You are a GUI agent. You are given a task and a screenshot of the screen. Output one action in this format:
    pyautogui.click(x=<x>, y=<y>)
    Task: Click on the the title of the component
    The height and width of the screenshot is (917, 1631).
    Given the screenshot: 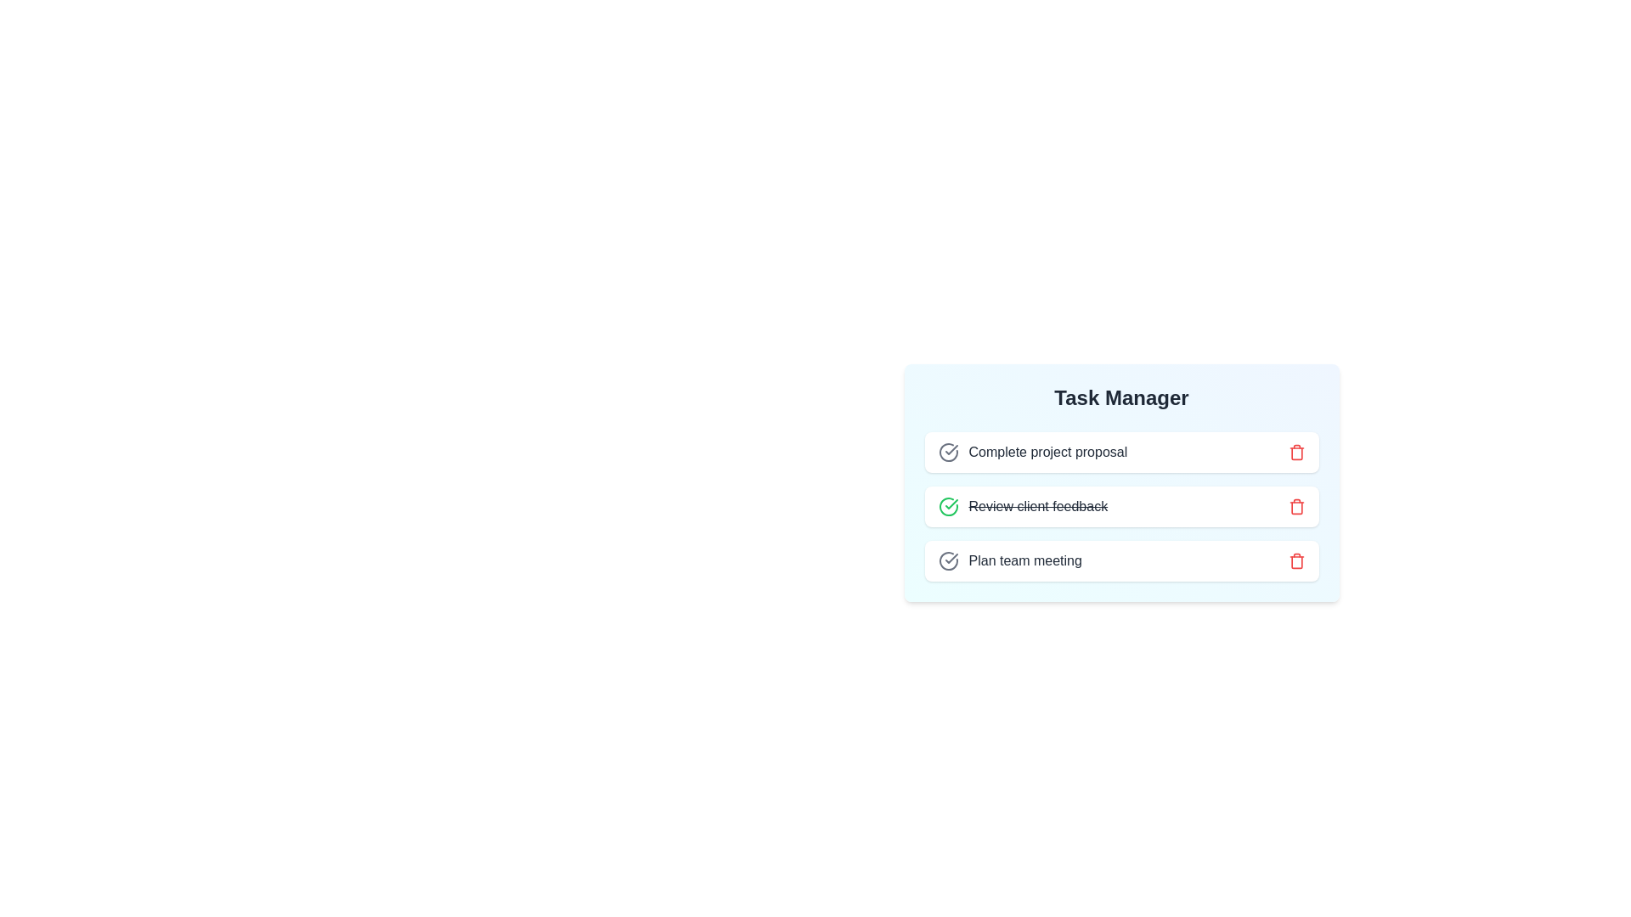 What is the action you would take?
    pyautogui.click(x=1121, y=398)
    